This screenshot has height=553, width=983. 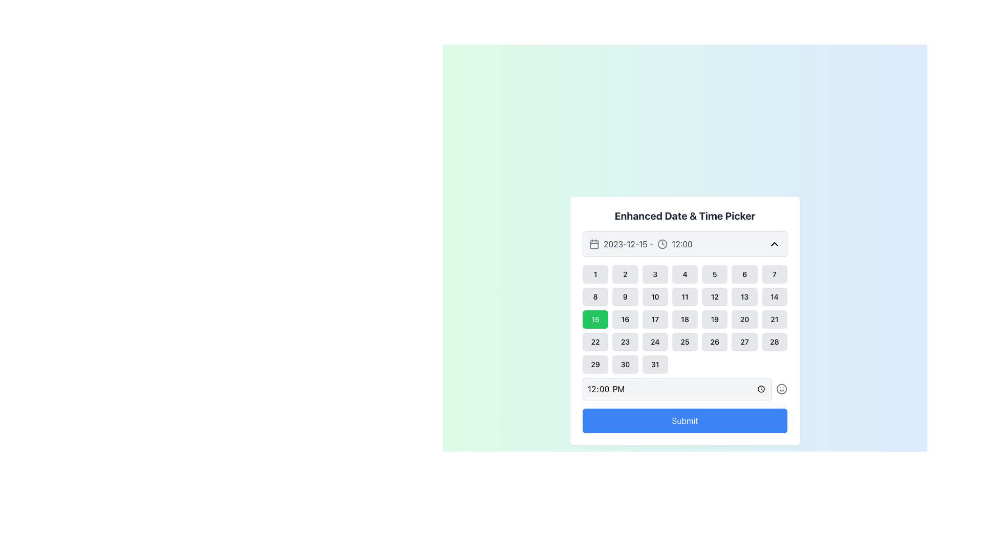 I want to click on the date selection button located, so click(x=654, y=296).